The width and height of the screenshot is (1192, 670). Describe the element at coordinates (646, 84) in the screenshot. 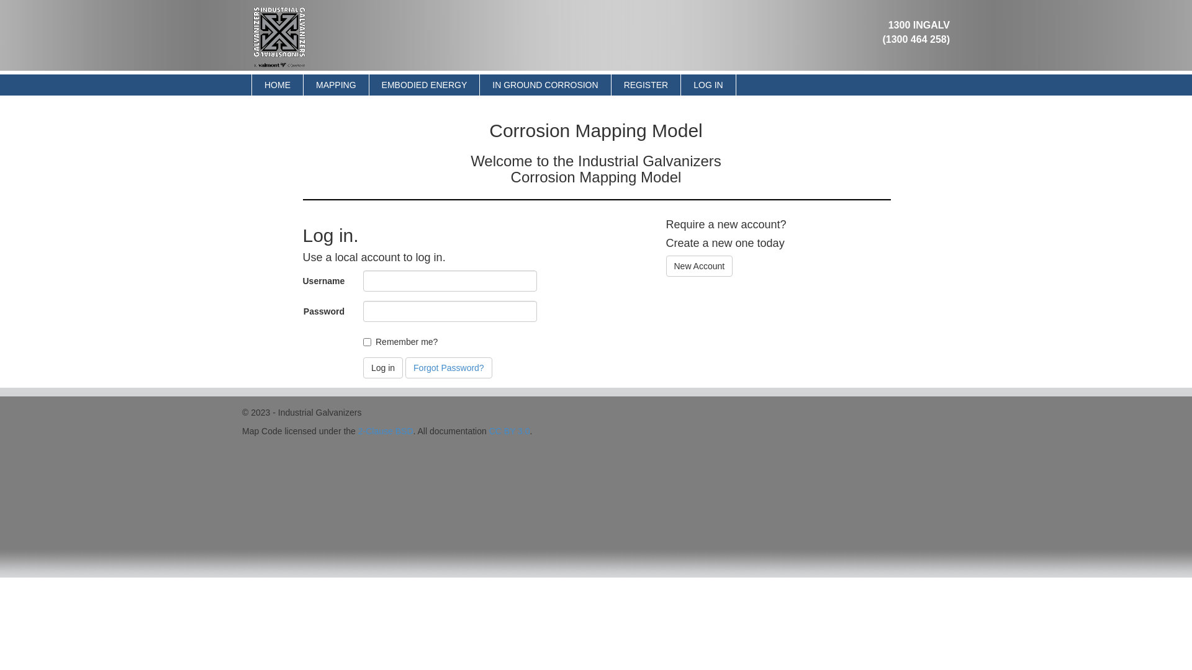

I see `'REGISTER'` at that location.